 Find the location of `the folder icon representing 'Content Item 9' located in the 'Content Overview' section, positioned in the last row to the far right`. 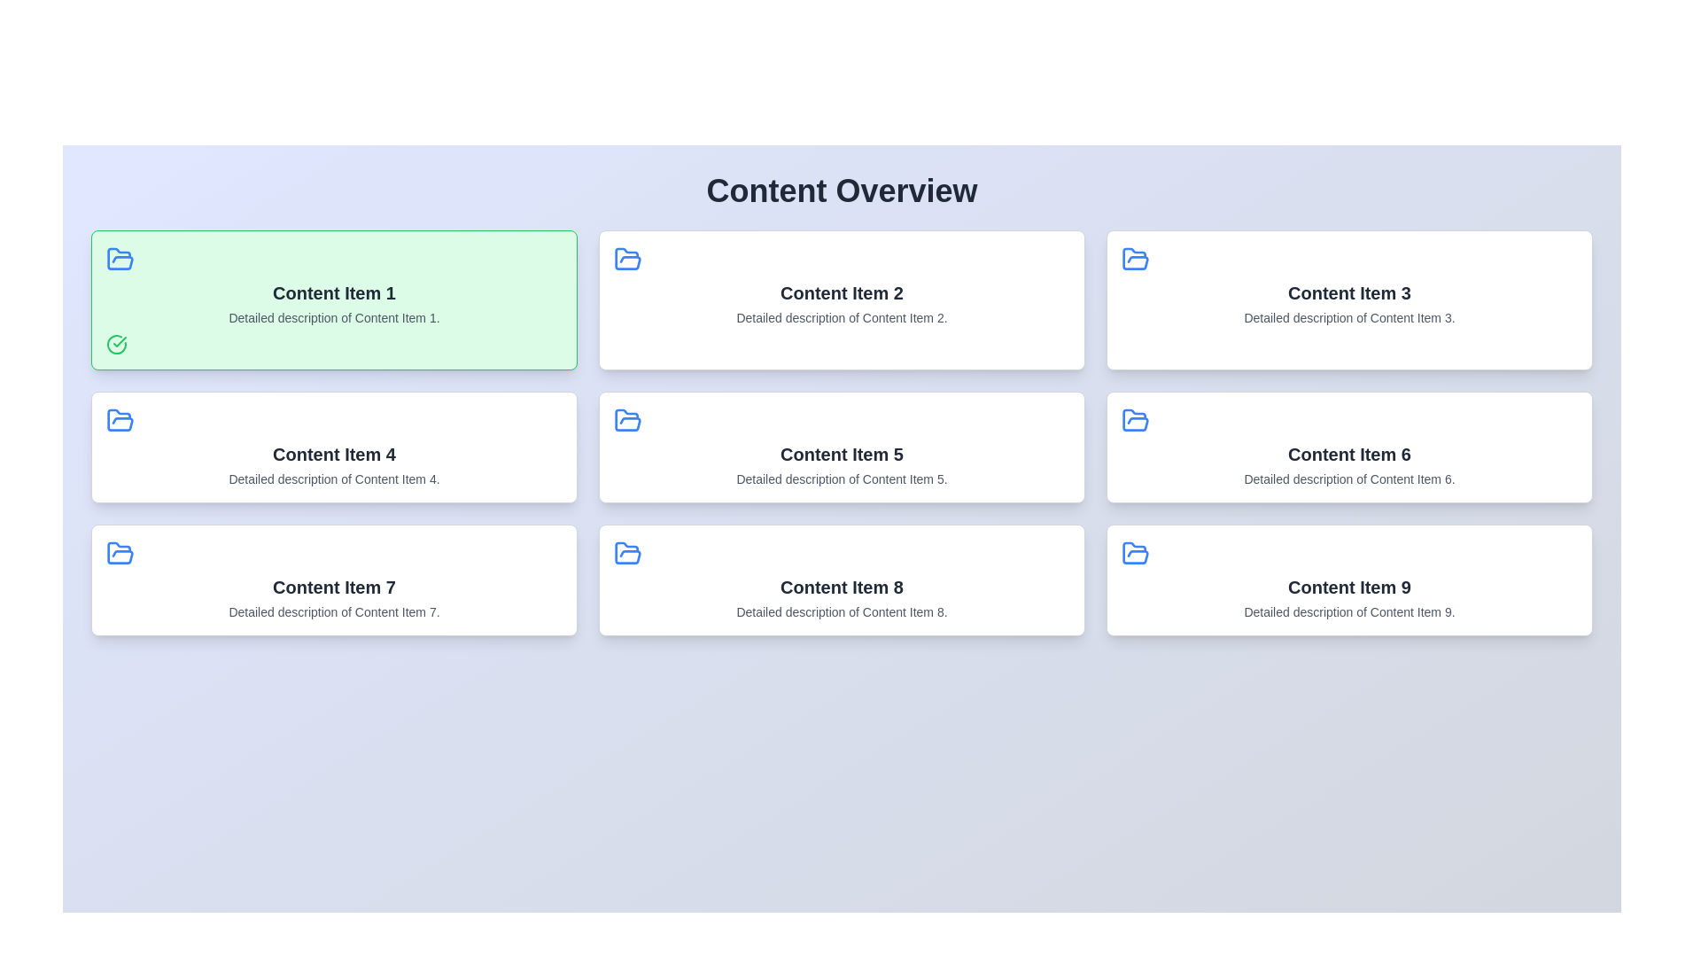

the folder icon representing 'Content Item 9' located in the 'Content Overview' section, positioned in the last row to the far right is located at coordinates (1135, 552).